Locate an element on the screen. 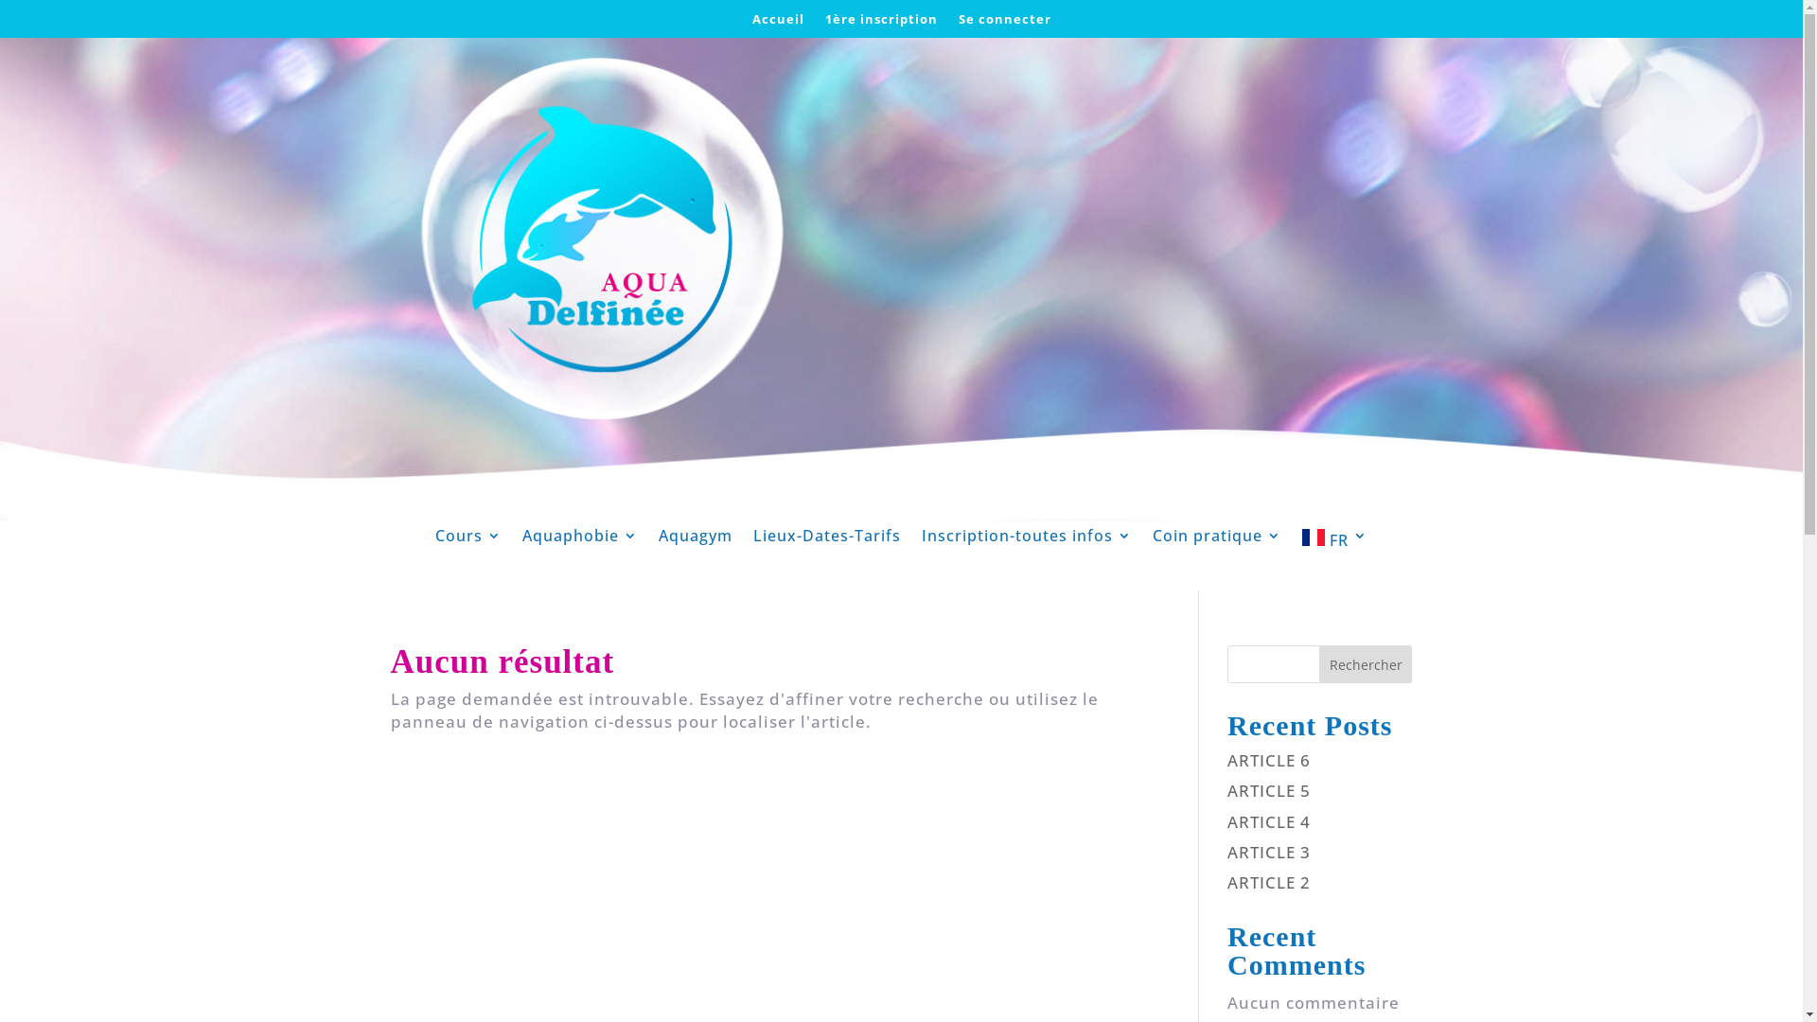 The image size is (1817, 1022). 'FR' is located at coordinates (1333, 541).